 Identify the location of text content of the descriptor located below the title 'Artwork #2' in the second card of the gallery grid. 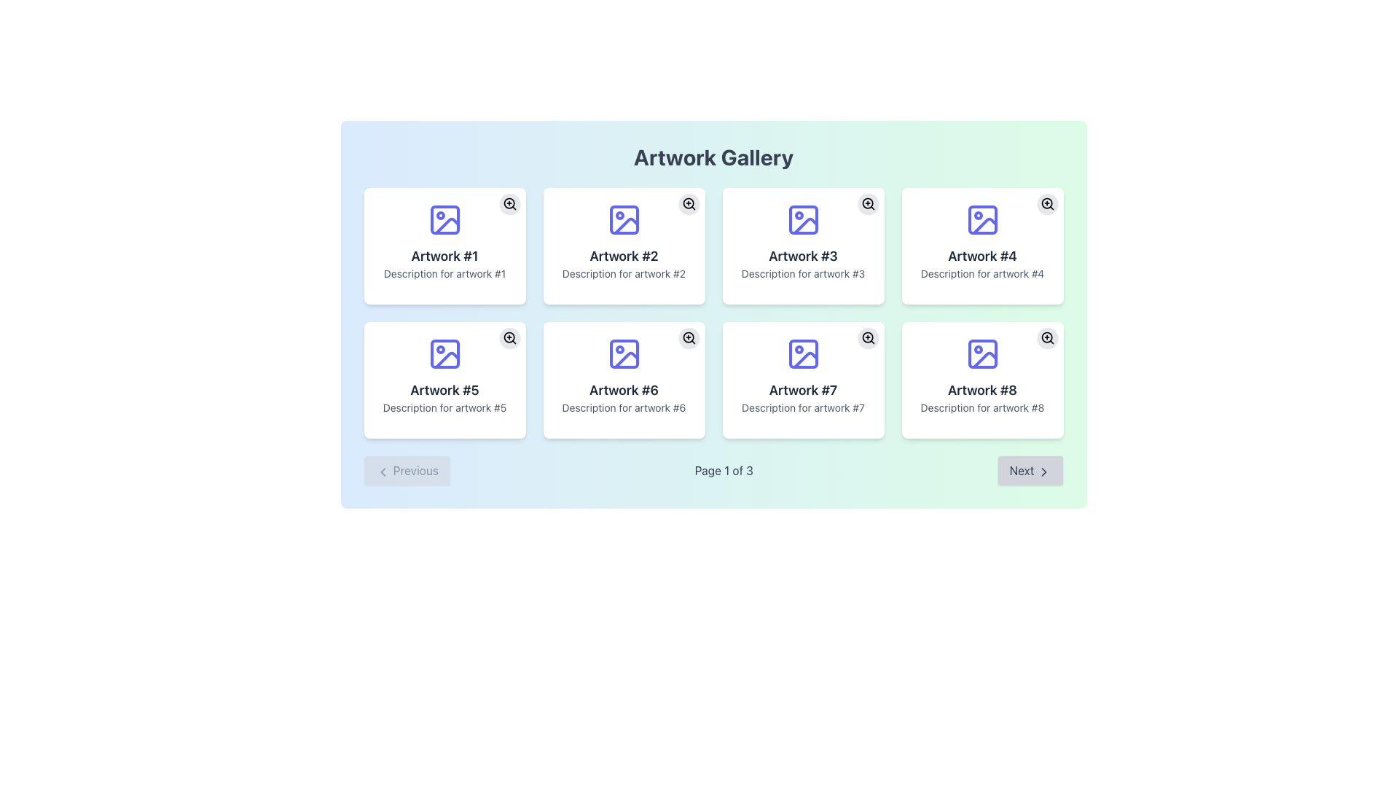
(624, 273).